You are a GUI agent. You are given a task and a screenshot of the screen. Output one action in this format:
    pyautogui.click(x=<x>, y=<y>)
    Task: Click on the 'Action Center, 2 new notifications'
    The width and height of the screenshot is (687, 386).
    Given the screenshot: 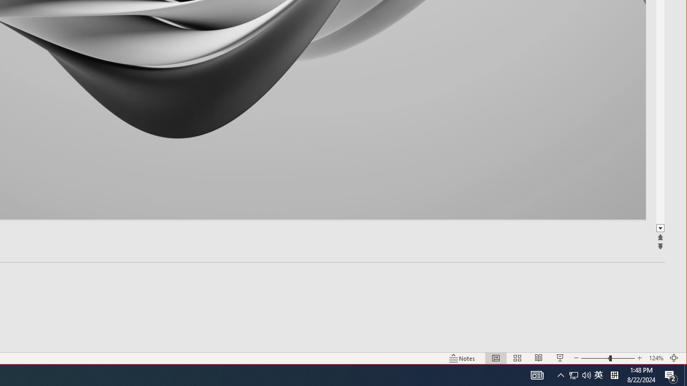 What is the action you would take?
    pyautogui.click(x=671, y=374)
    